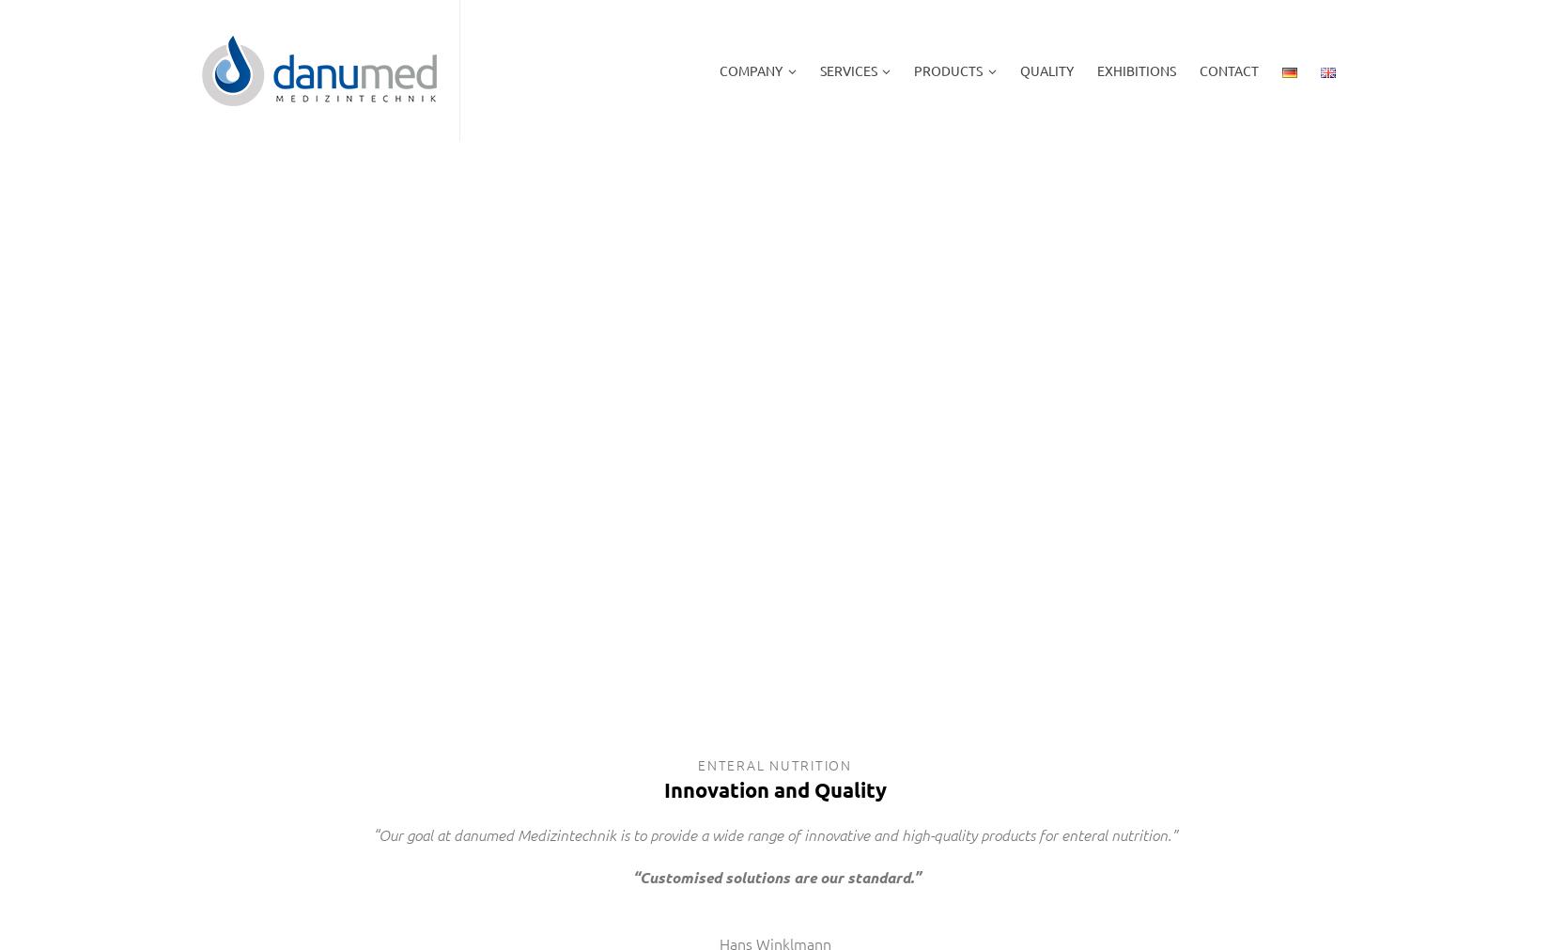 The height and width of the screenshot is (950, 1550). I want to click on '“Customised solutions are our standard.”', so click(775, 877).